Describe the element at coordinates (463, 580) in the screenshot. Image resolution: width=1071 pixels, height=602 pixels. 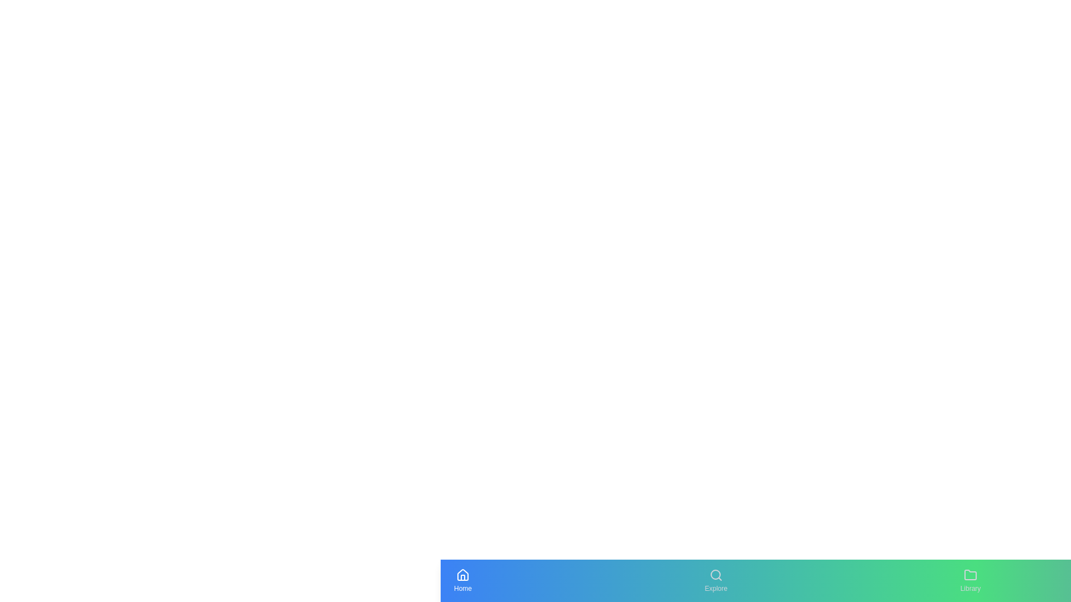
I see `the navigation tab labeled Home to navigate to the respective section` at that location.